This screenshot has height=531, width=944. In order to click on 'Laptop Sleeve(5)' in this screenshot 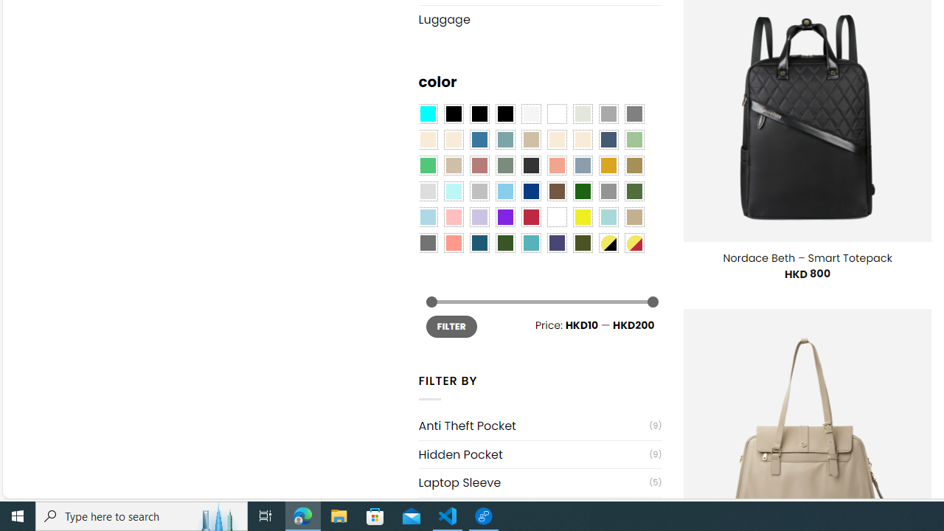, I will do `click(539, 482)`.